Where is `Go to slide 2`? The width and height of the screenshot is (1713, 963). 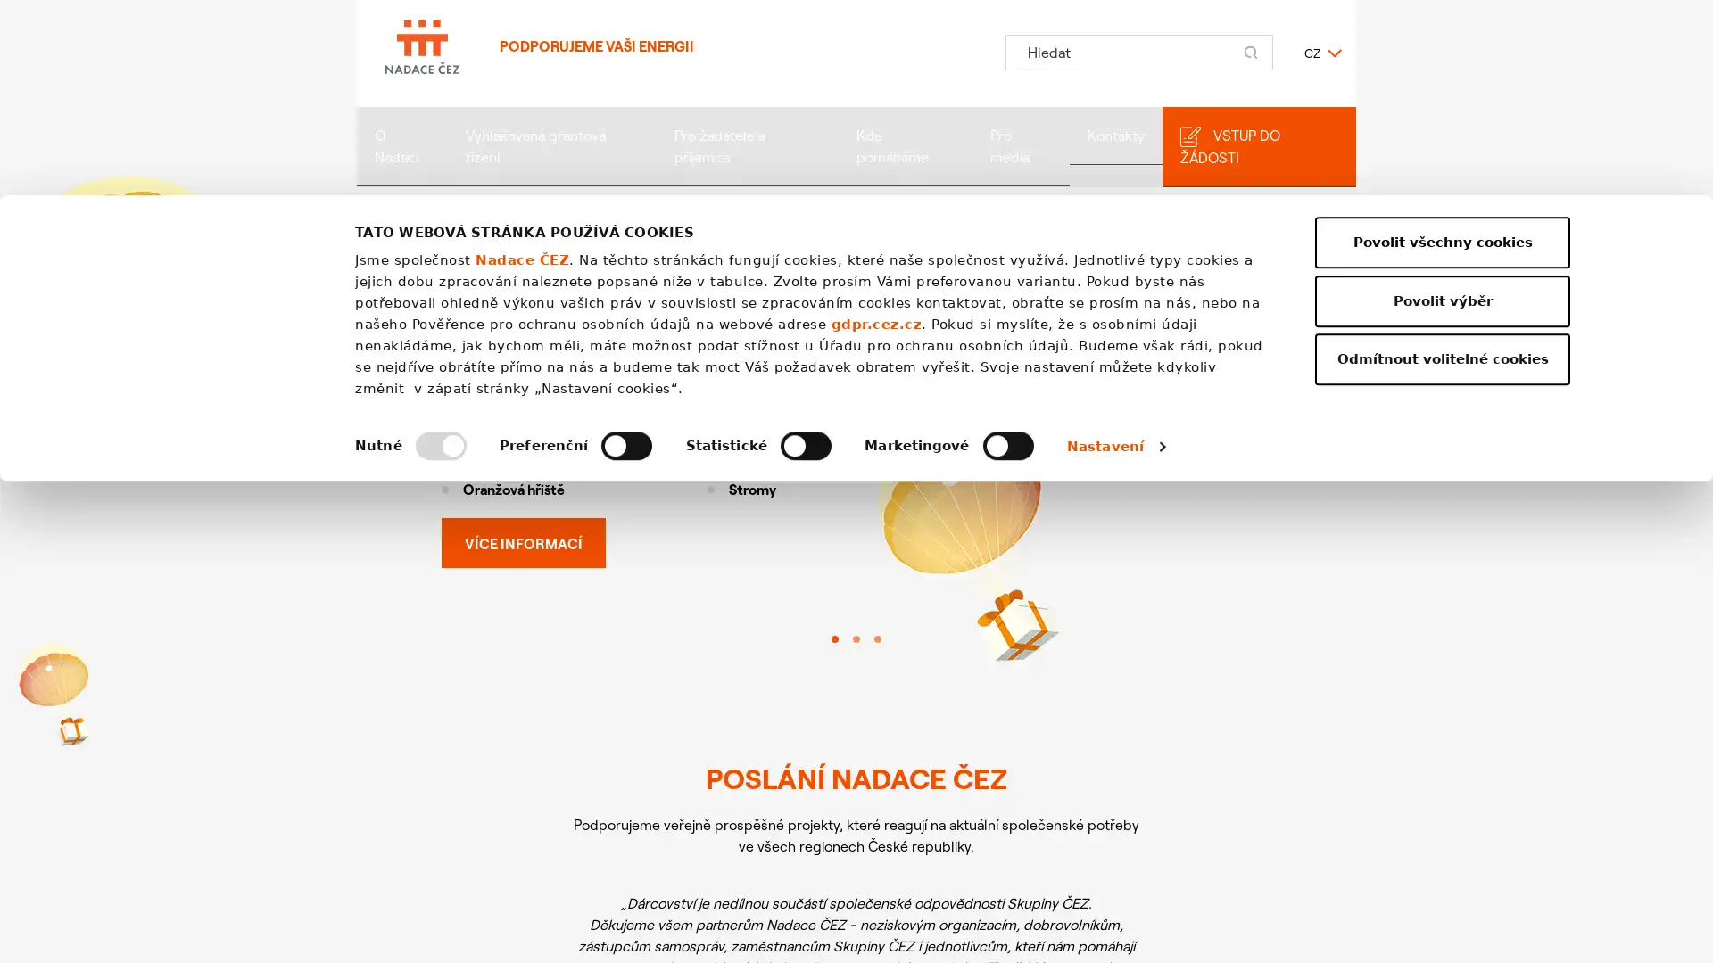 Go to slide 2 is located at coordinates (856, 638).